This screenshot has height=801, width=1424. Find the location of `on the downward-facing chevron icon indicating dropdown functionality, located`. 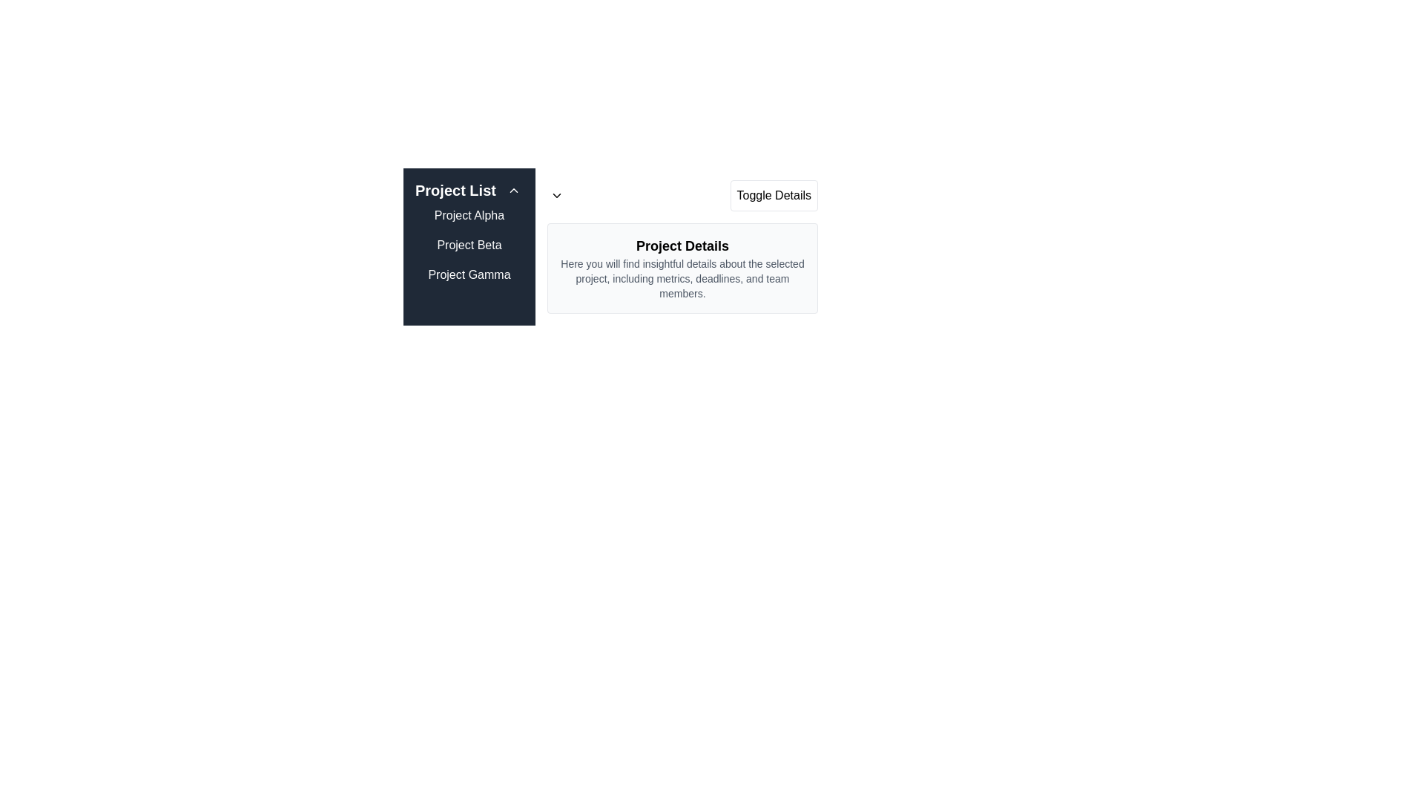

on the downward-facing chevron icon indicating dropdown functionality, located is located at coordinates (556, 194).